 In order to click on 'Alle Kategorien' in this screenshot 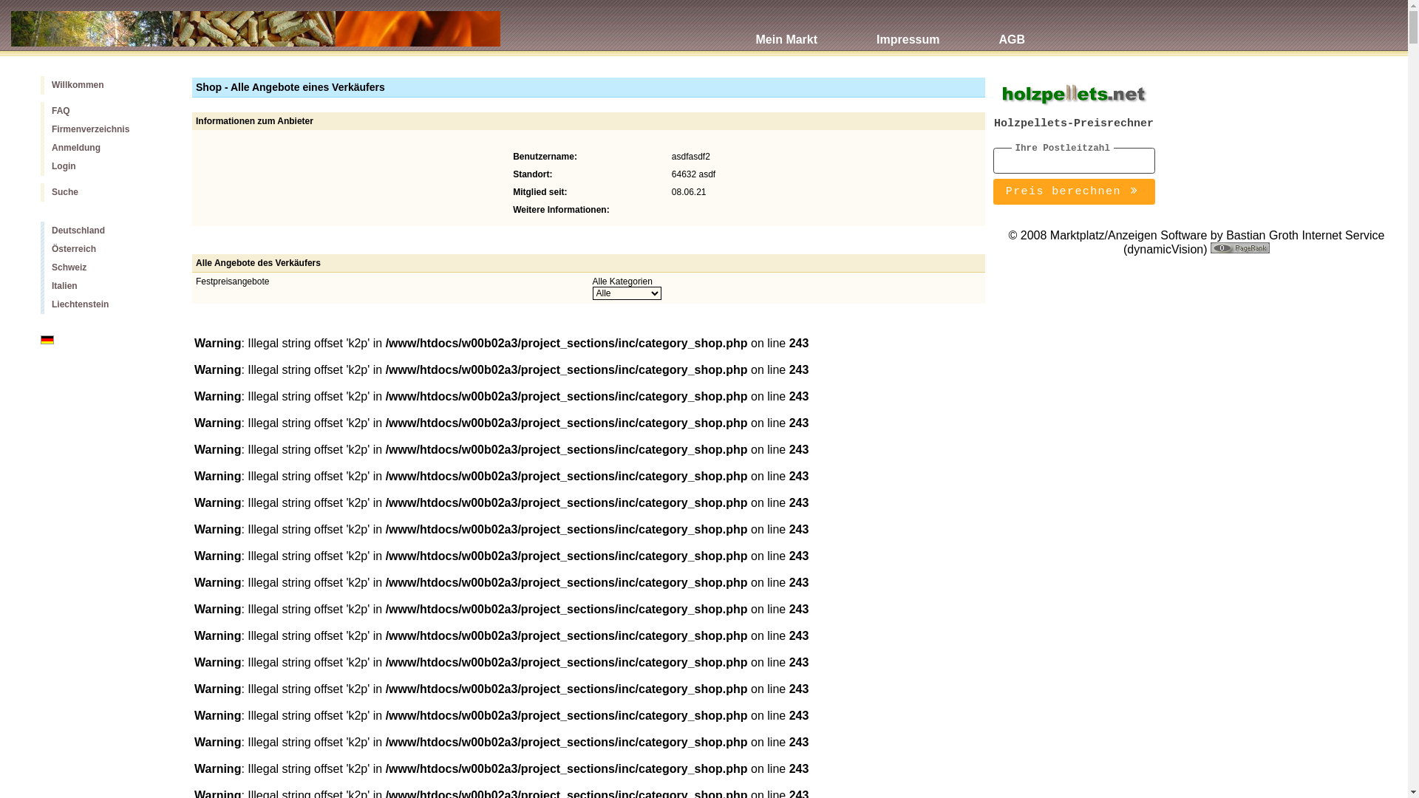, I will do `click(592, 282)`.